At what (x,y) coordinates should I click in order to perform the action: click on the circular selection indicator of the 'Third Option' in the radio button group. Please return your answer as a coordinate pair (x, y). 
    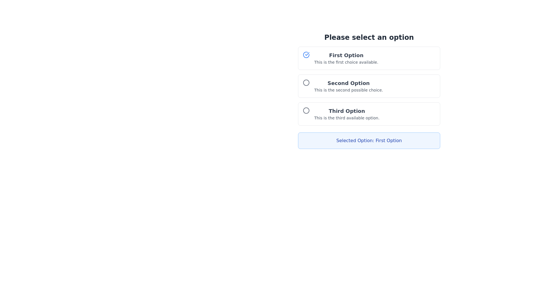
    Looking at the image, I should click on (306, 111).